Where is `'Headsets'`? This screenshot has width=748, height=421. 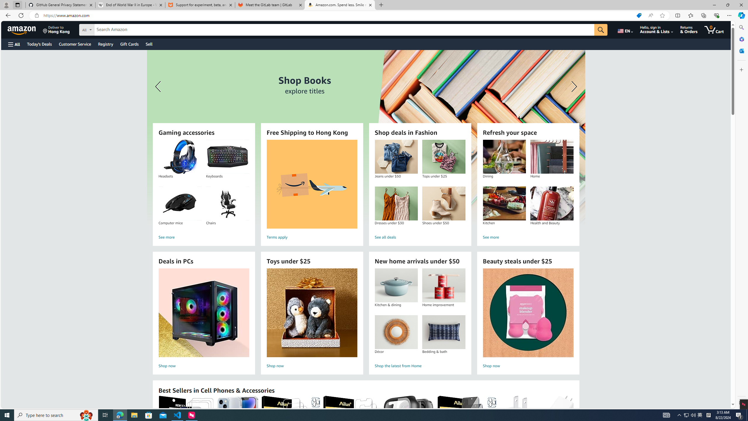
'Headsets' is located at coordinates (180, 157).